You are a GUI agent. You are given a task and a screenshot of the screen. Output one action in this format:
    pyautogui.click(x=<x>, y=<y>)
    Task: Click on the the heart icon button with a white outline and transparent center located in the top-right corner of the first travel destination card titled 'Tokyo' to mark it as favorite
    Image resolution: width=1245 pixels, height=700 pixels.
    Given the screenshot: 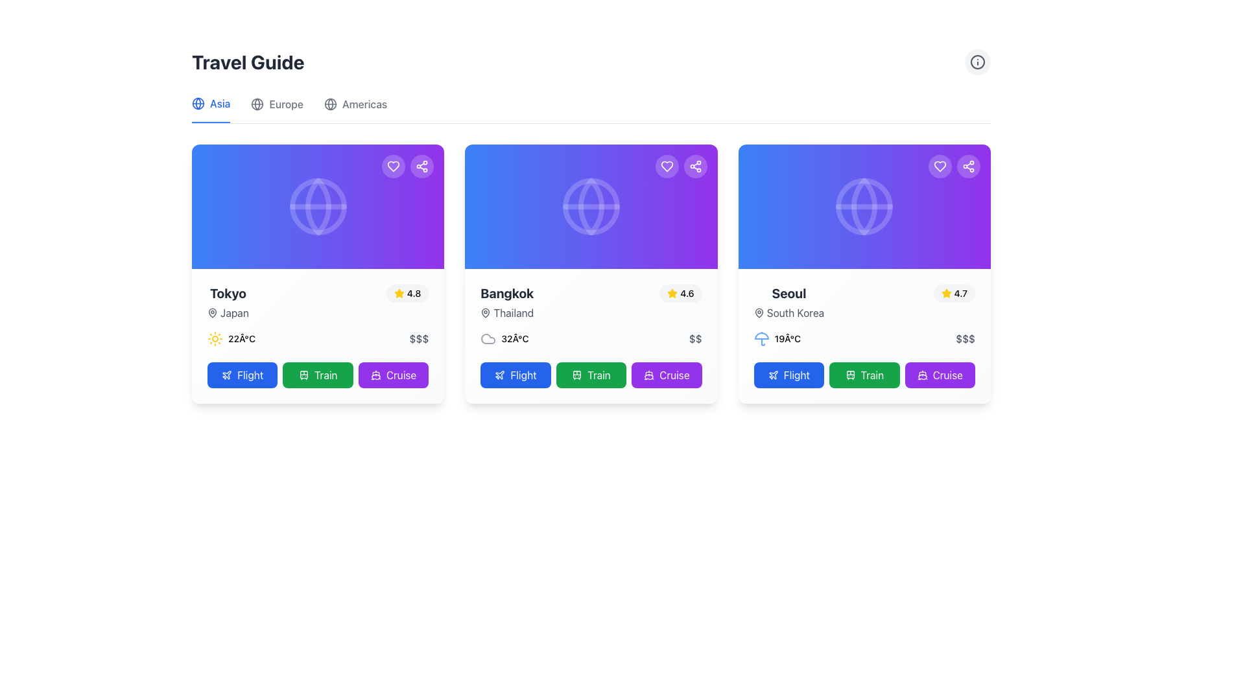 What is the action you would take?
    pyautogui.click(x=392, y=166)
    